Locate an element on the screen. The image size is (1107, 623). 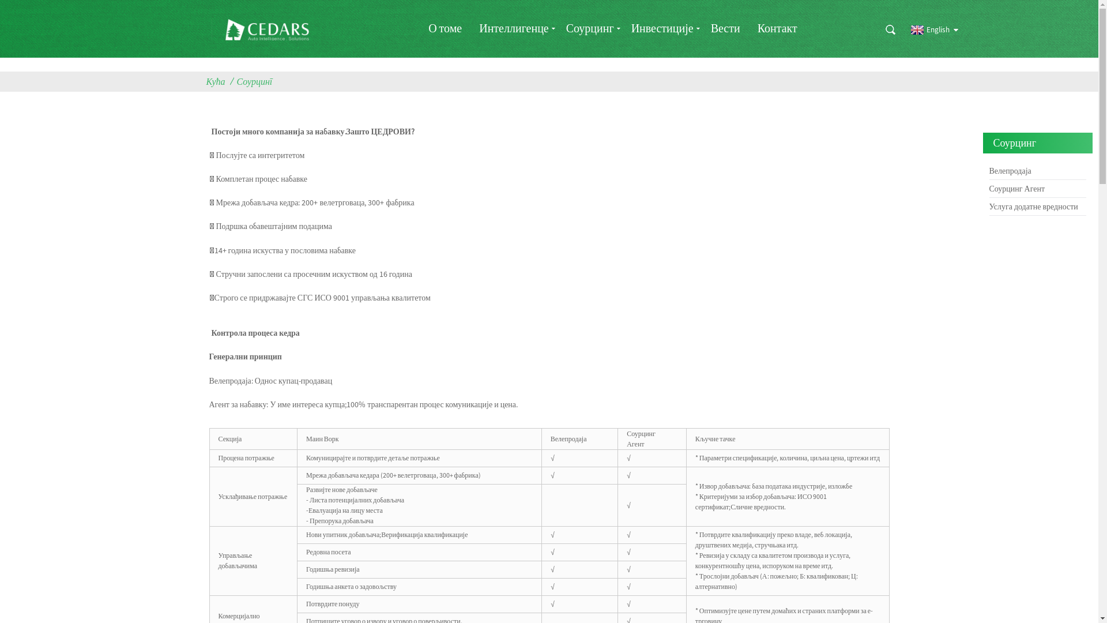
'English' is located at coordinates (928, 29).